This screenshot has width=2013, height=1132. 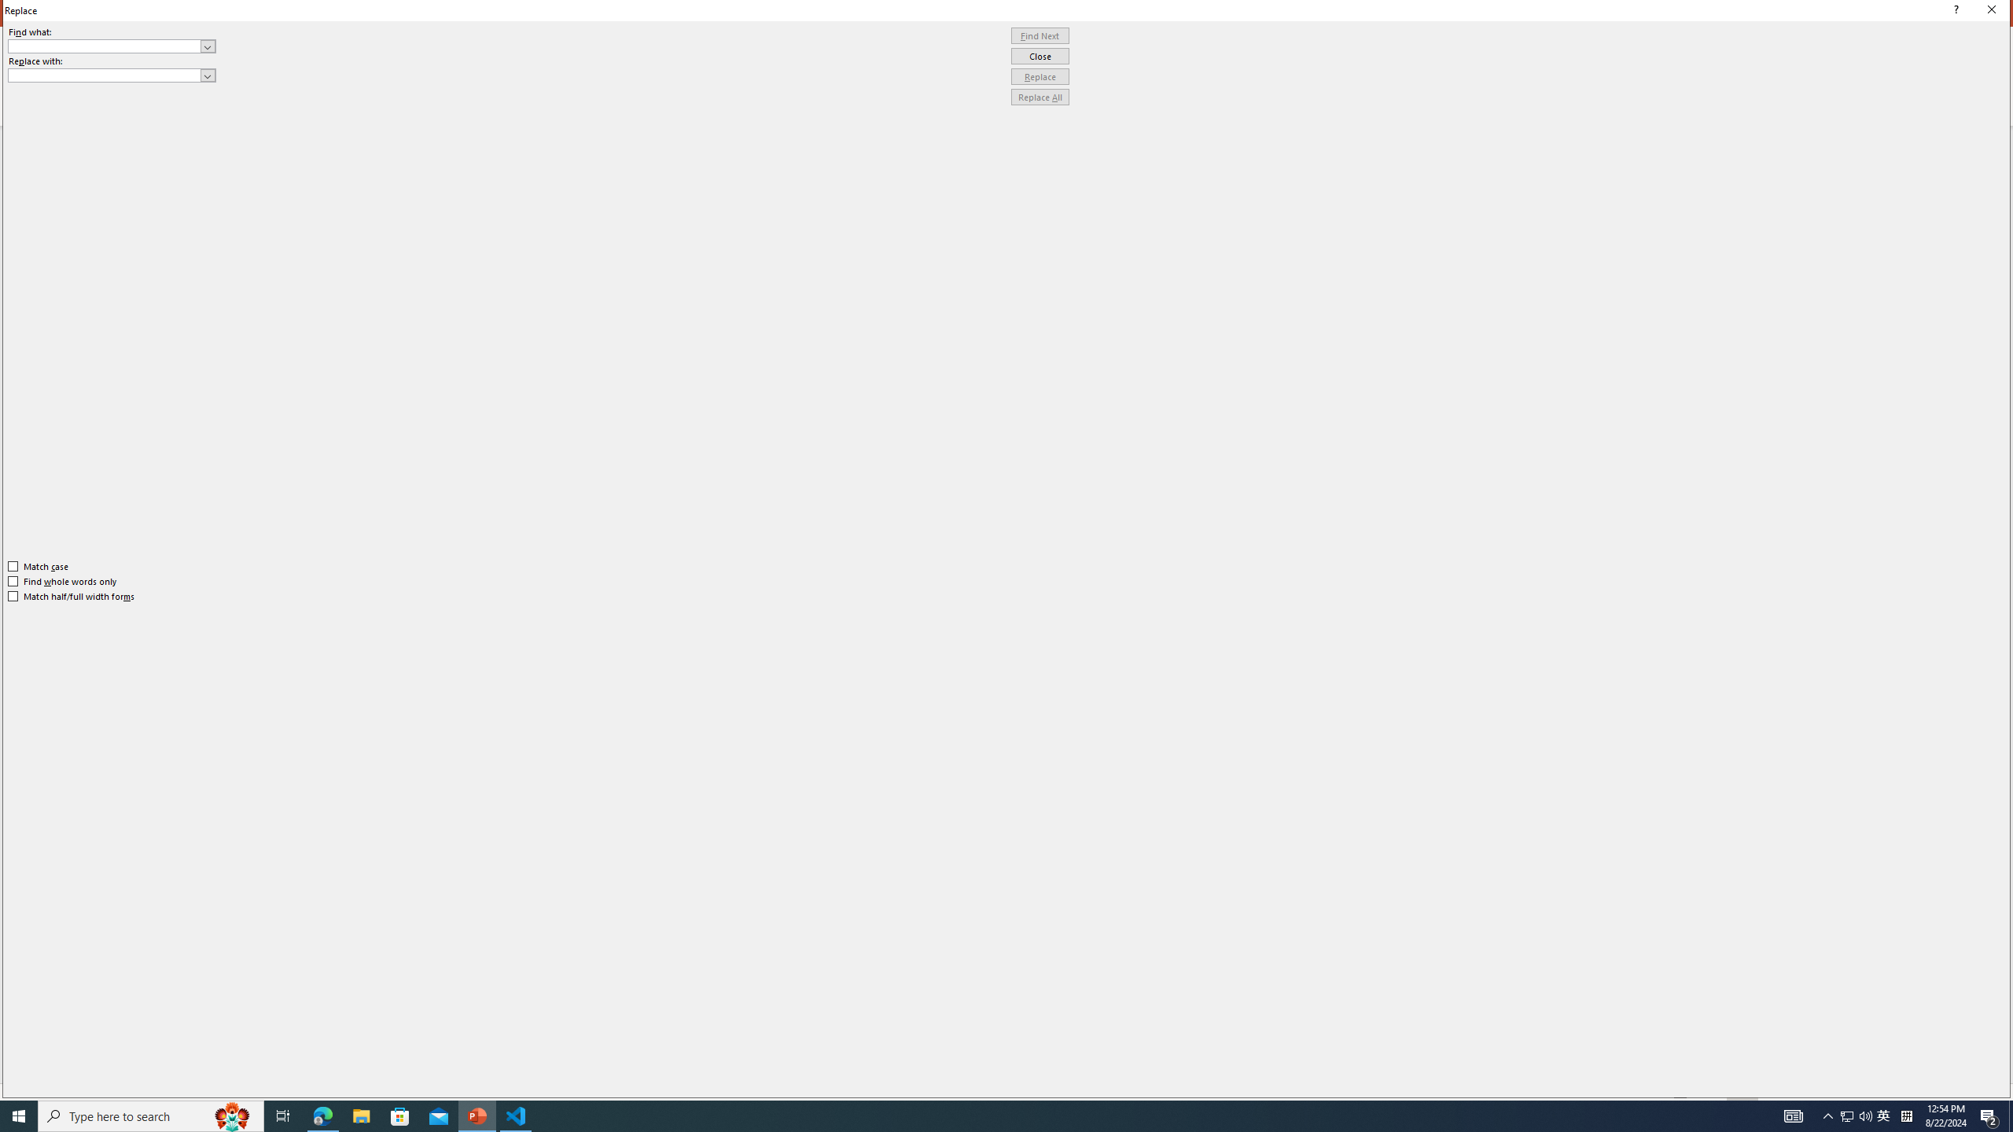 What do you see at coordinates (112, 75) in the screenshot?
I see `'Replace with'` at bounding box center [112, 75].